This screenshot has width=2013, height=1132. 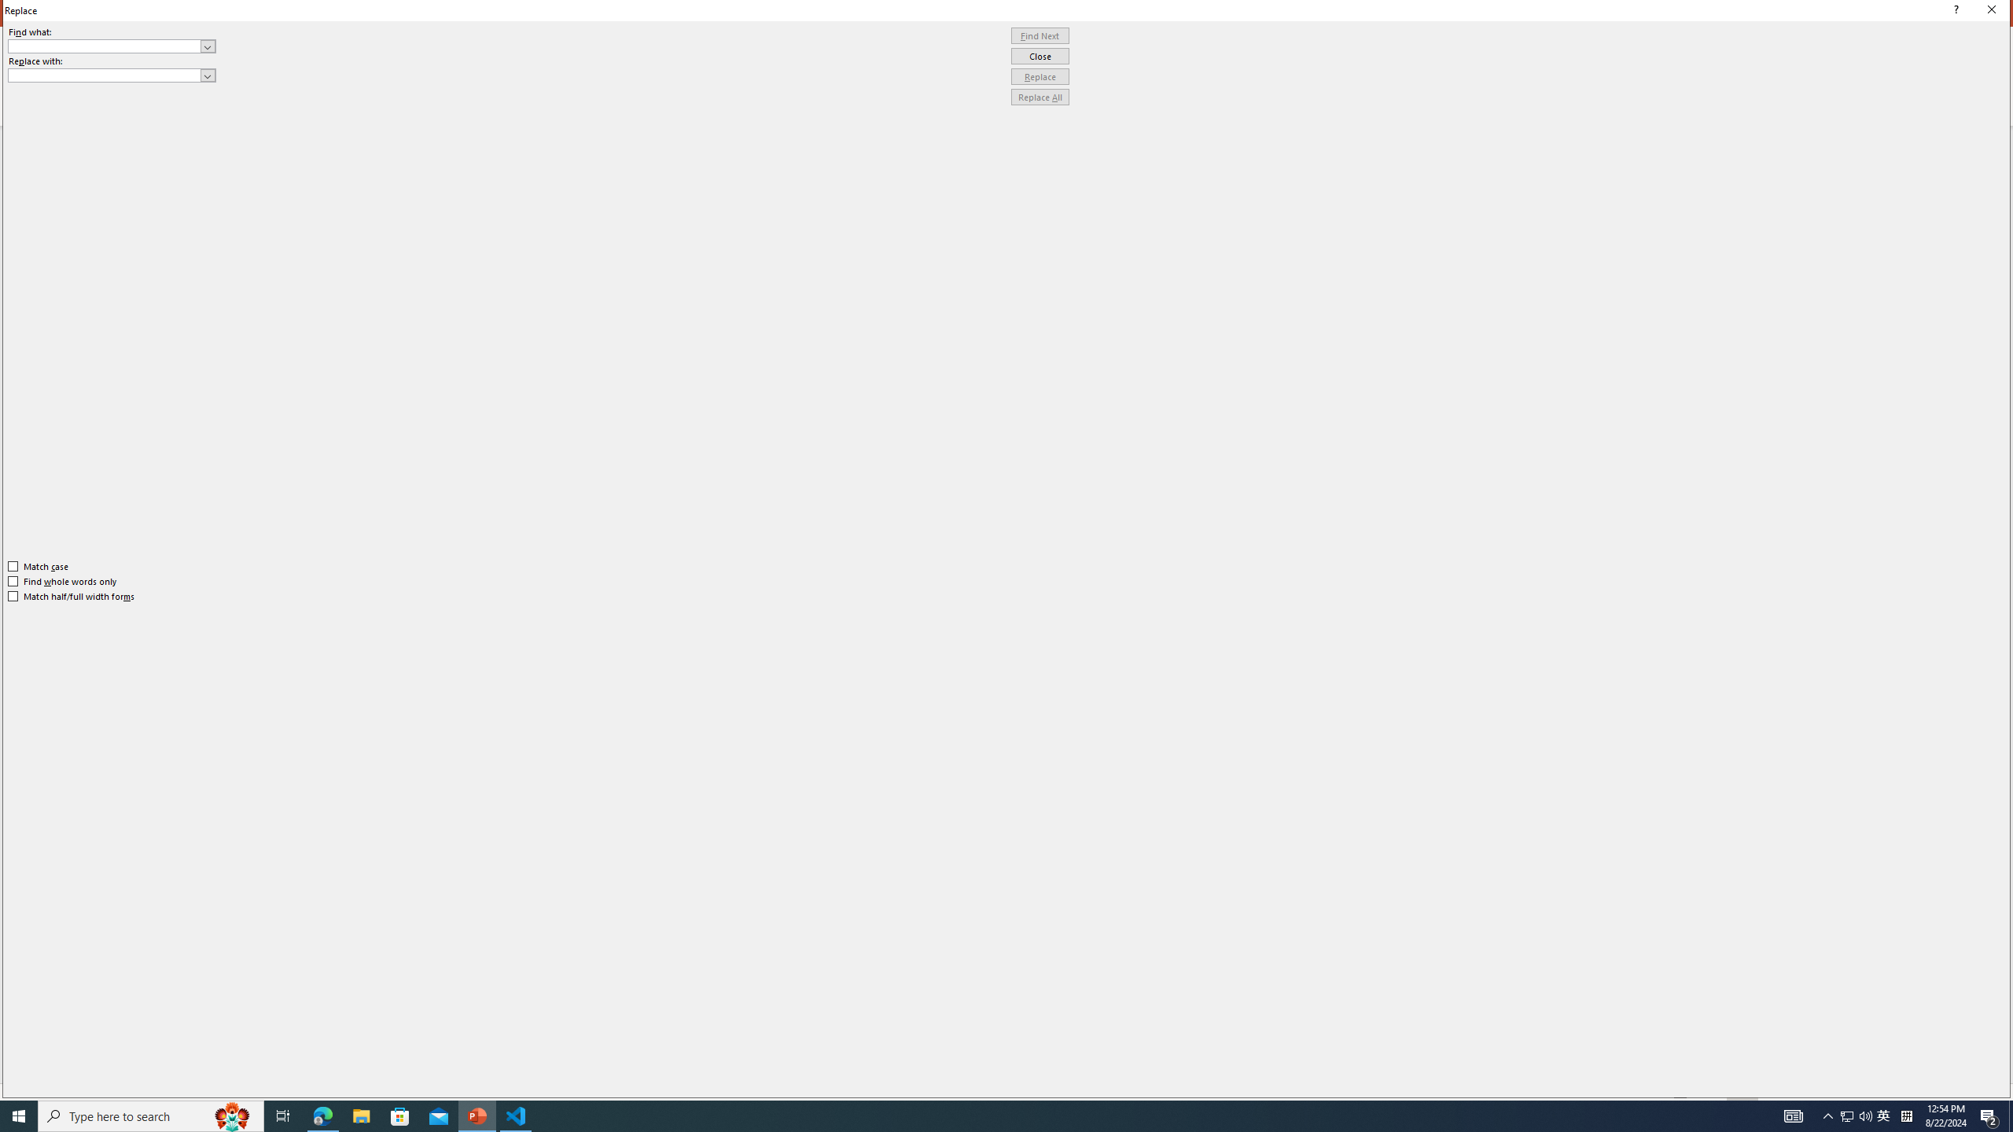 What do you see at coordinates (112, 75) in the screenshot?
I see `'Replace with'` at bounding box center [112, 75].